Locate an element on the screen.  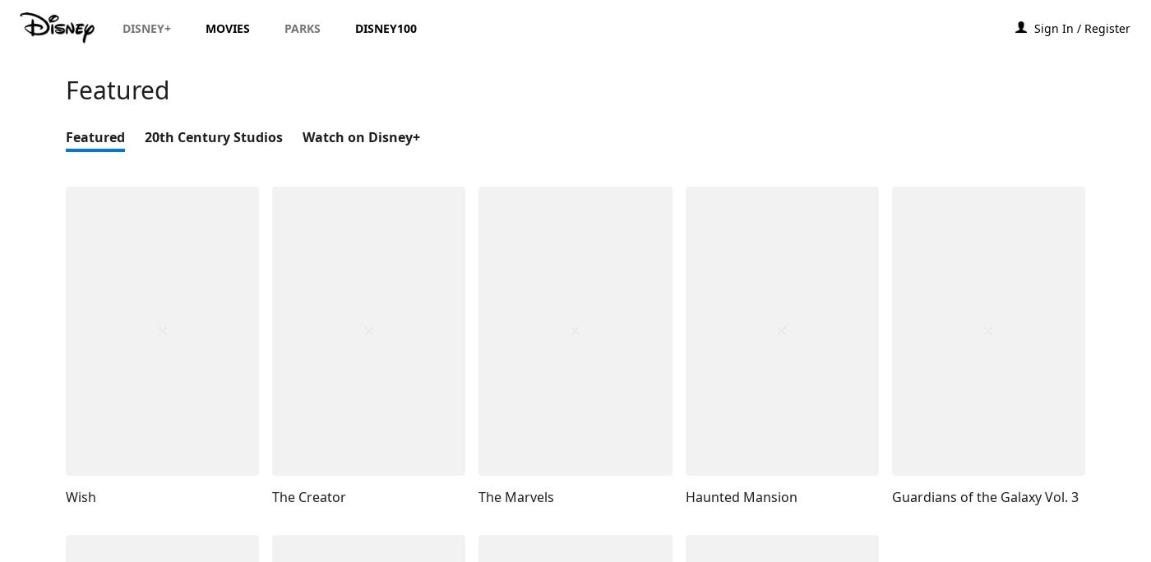
'PARKS' is located at coordinates (303, 28).